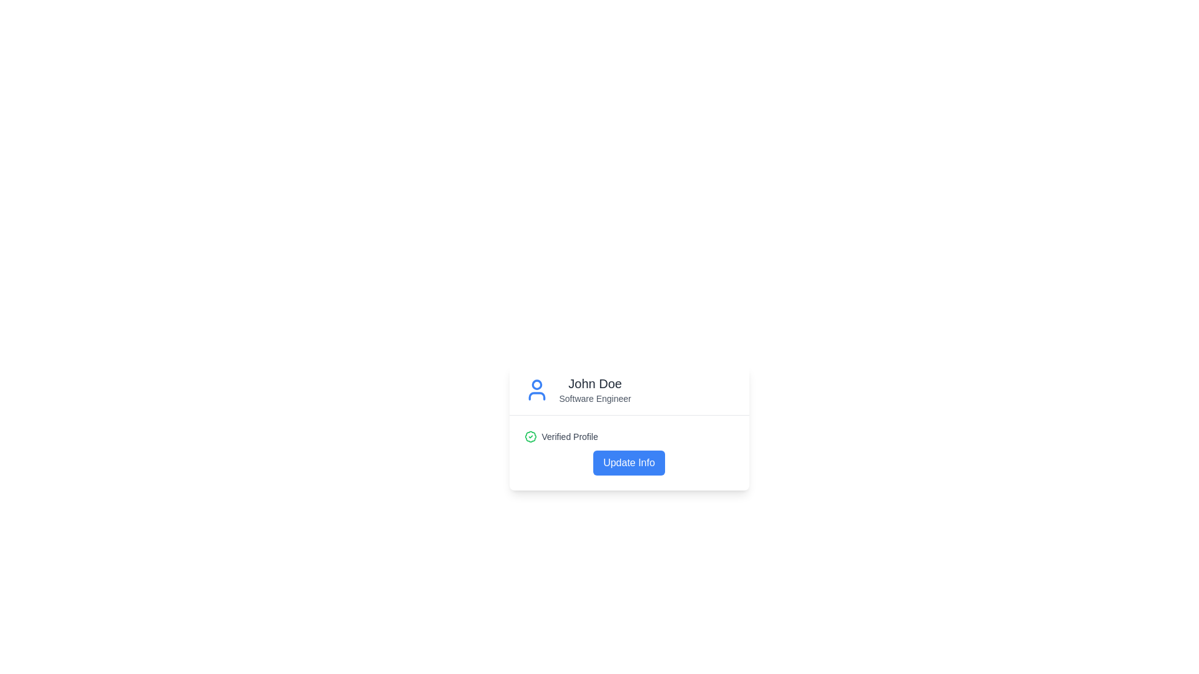  I want to click on the 'Update Info' button with a blue background and white text for keyboard navigation, so click(629, 462).